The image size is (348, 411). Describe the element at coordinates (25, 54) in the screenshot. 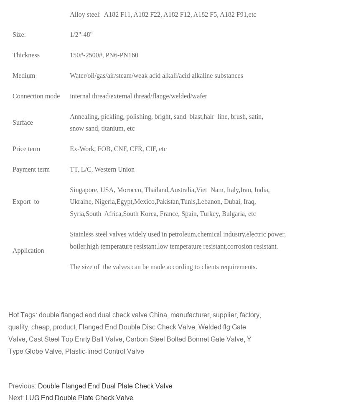

I see `'Thickness'` at that location.